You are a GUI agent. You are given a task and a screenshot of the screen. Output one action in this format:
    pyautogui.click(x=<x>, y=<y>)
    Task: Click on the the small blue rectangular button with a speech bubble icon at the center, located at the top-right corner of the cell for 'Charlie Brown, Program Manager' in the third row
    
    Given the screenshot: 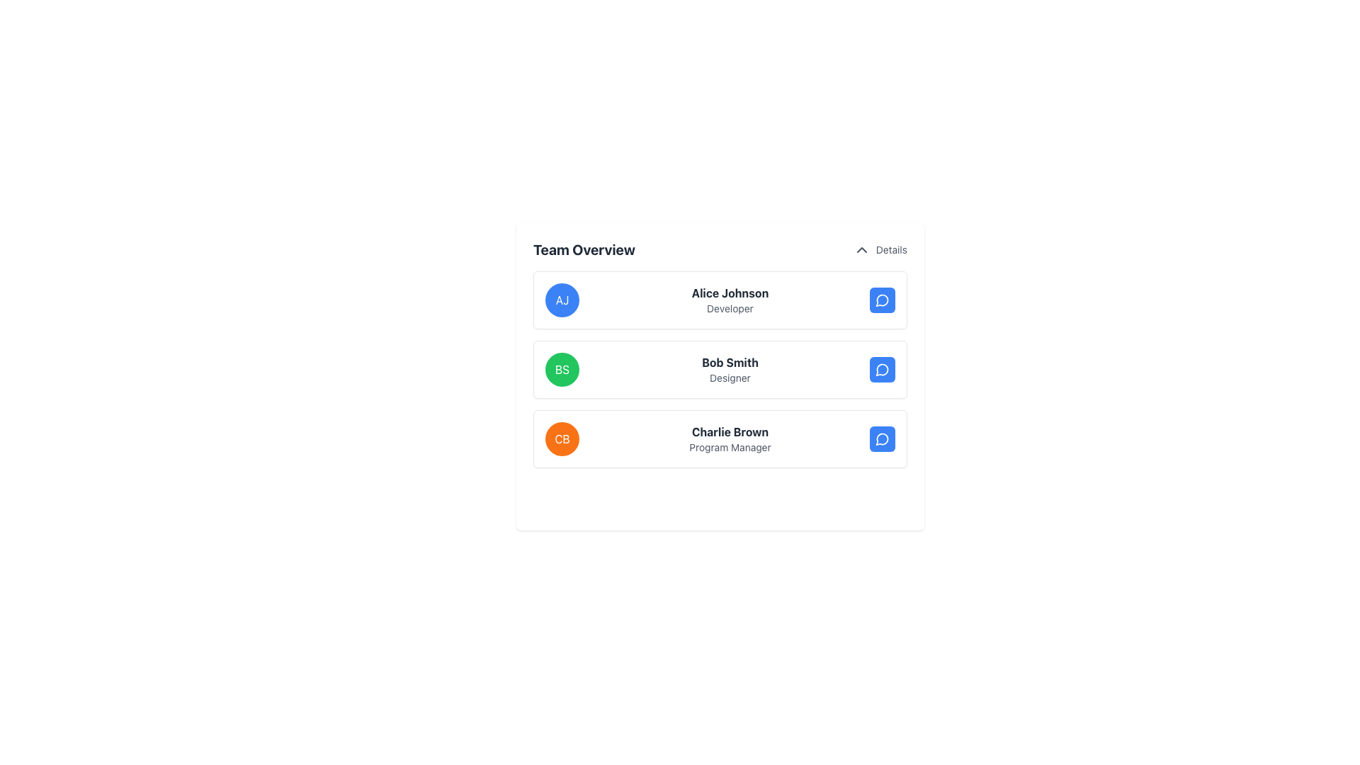 What is the action you would take?
    pyautogui.click(x=882, y=438)
    